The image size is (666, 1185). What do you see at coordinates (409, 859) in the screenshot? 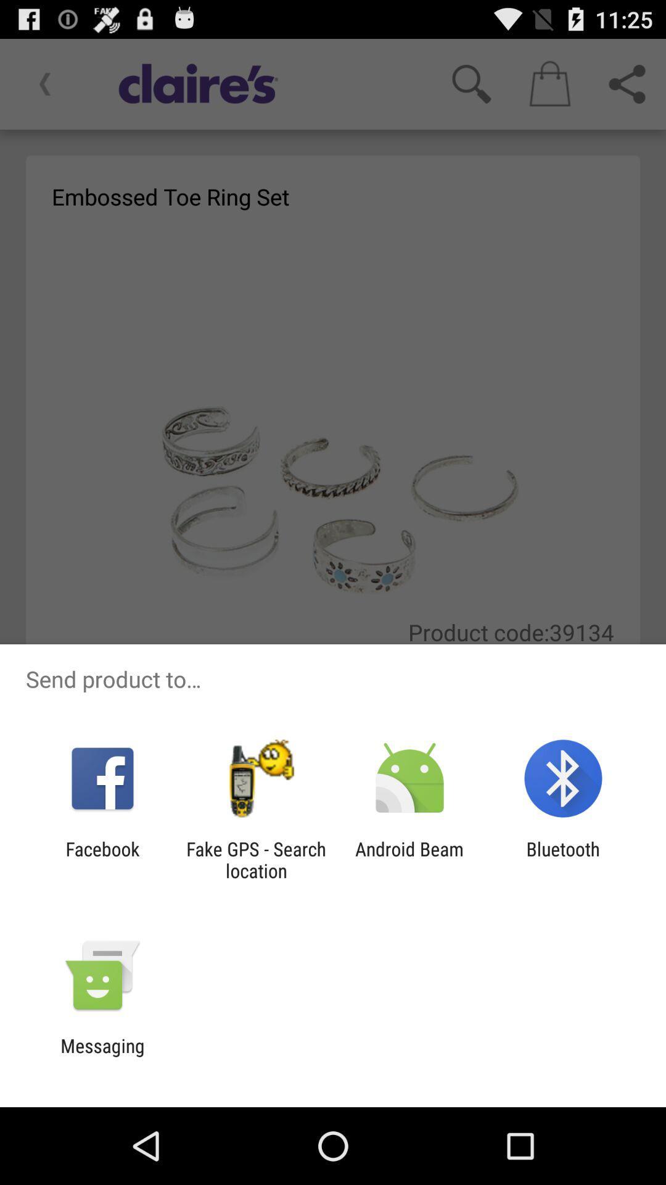
I see `android beam item` at bounding box center [409, 859].